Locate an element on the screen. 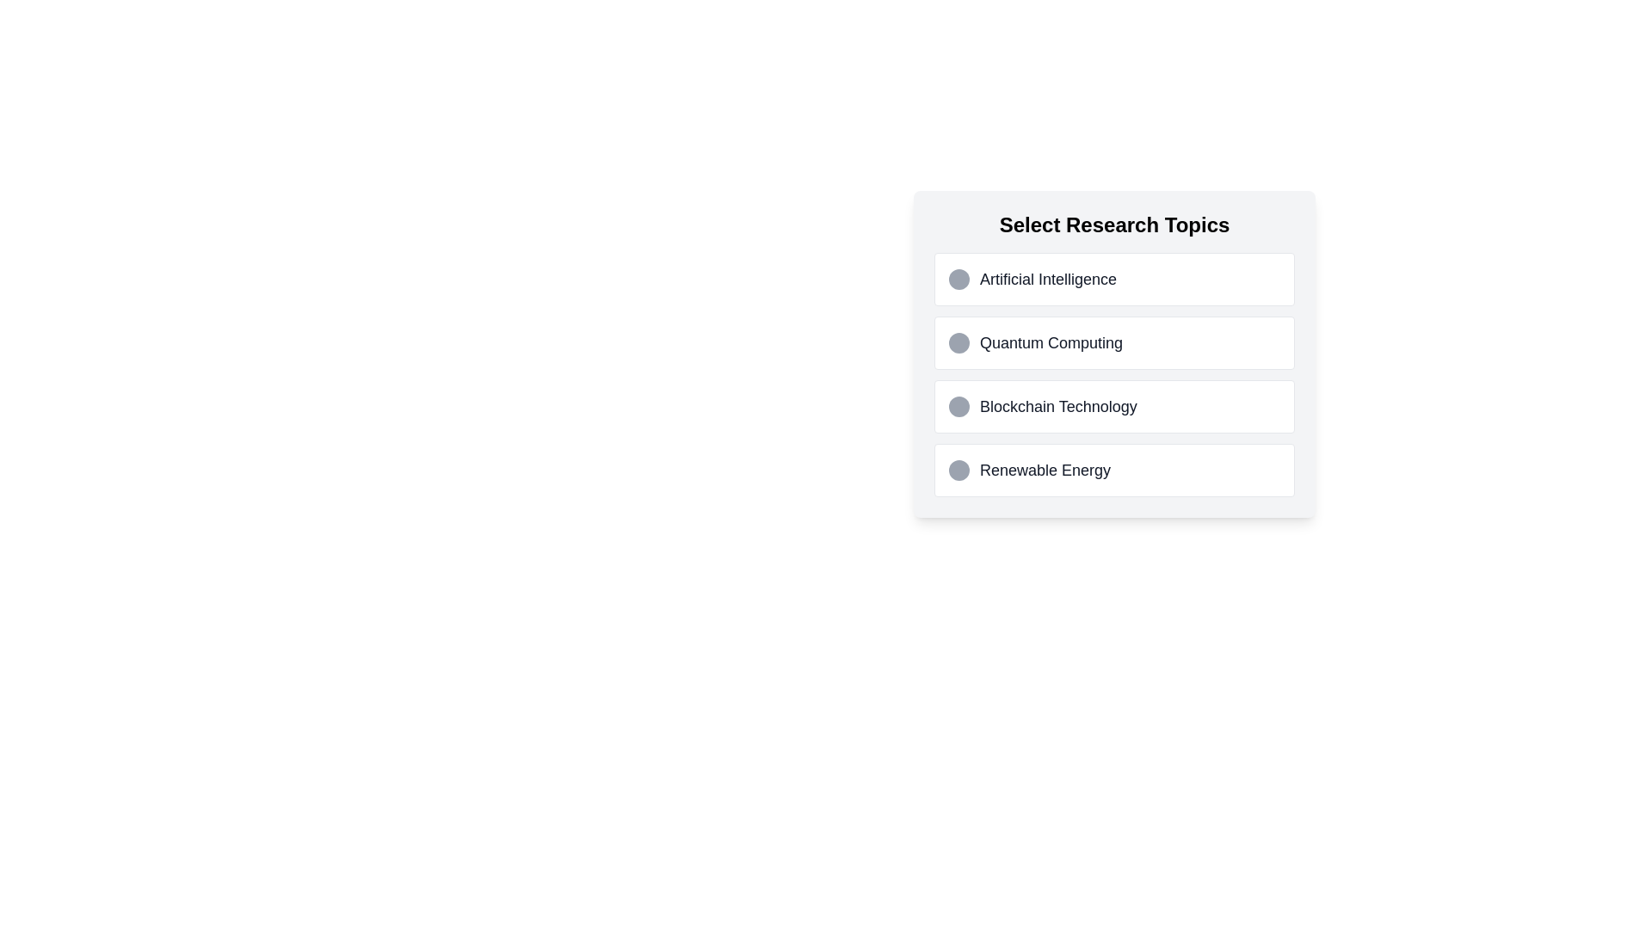 The height and width of the screenshot is (929, 1652). the circular gray radio button located to the left of the 'Artificial Intelligence' text label is located at coordinates (958, 278).